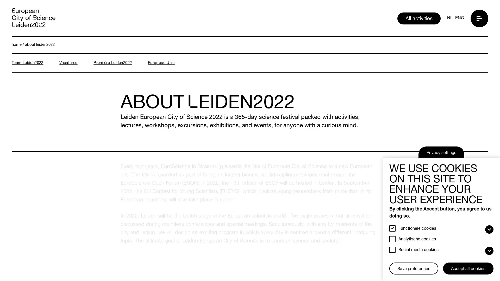 The image size is (500, 281). Describe the element at coordinates (391, 263) in the screenshot. I see `Withdraw consent` at that location.